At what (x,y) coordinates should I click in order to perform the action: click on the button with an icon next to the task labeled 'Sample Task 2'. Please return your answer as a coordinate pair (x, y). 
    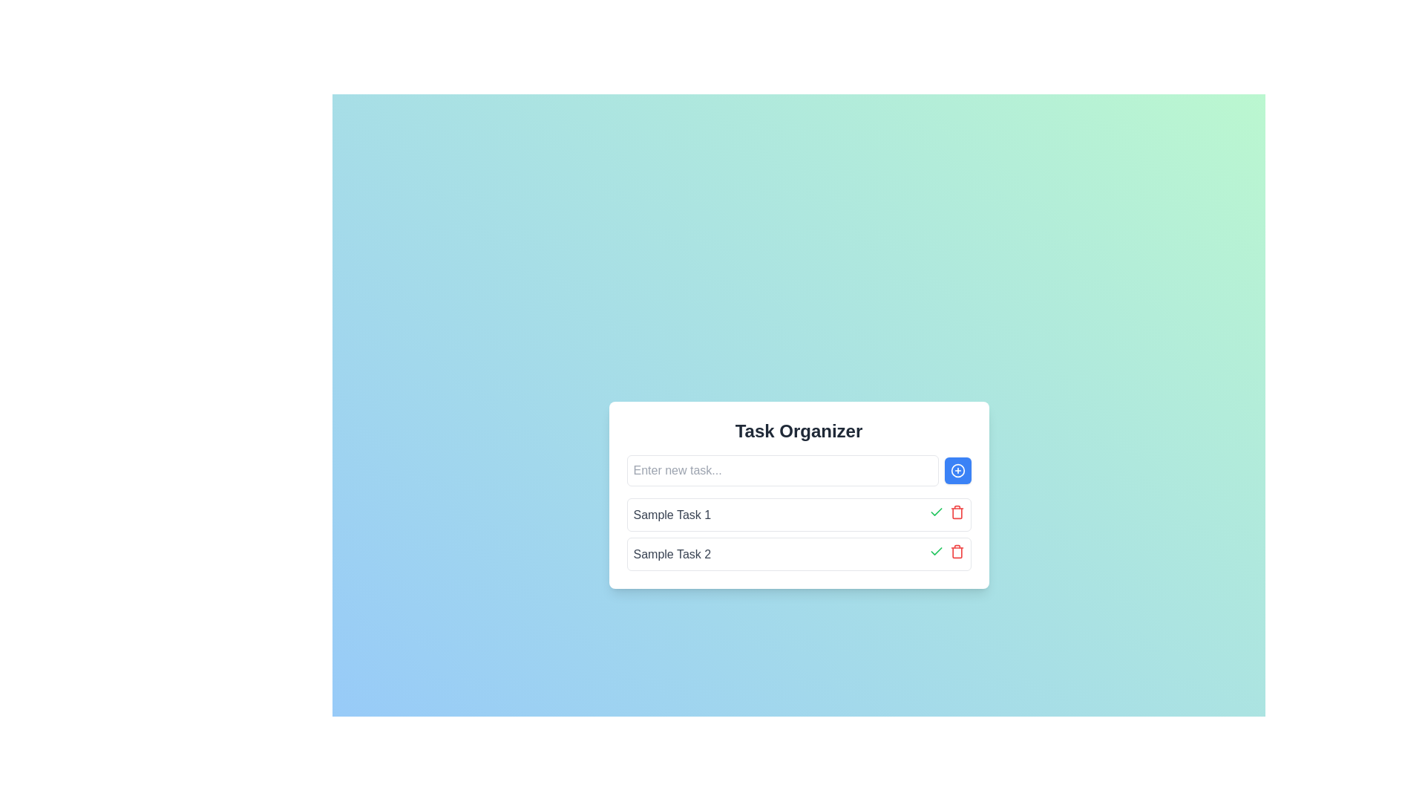
    Looking at the image, I should click on (935, 512).